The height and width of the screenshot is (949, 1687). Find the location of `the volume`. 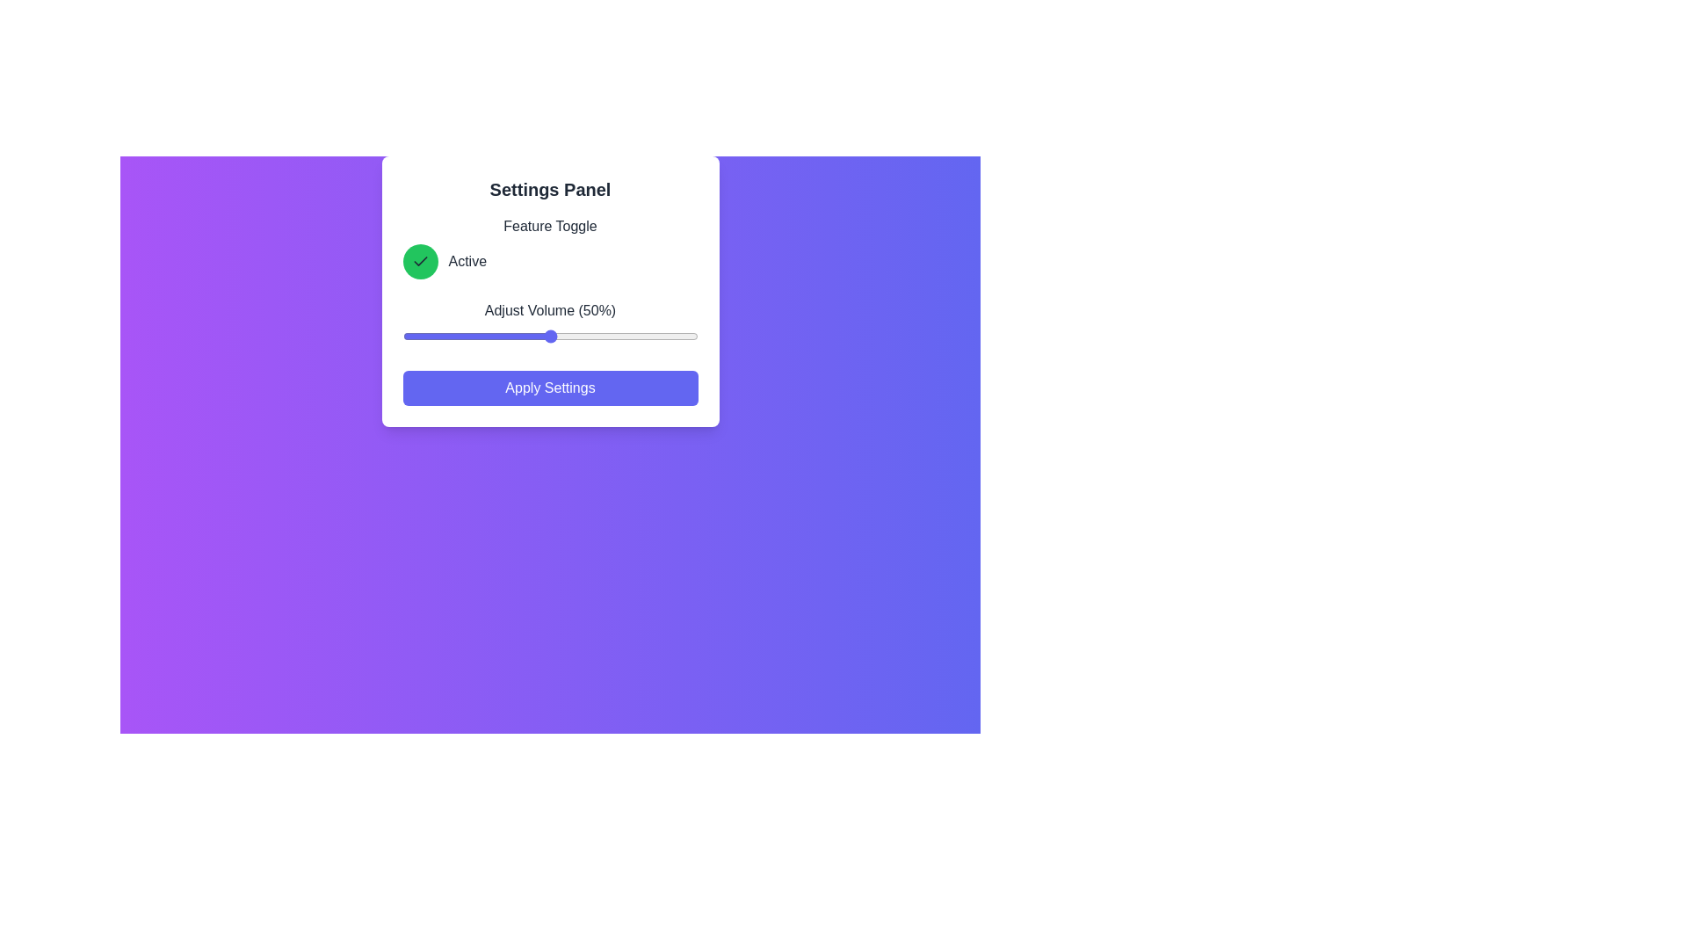

the volume is located at coordinates (694, 336).